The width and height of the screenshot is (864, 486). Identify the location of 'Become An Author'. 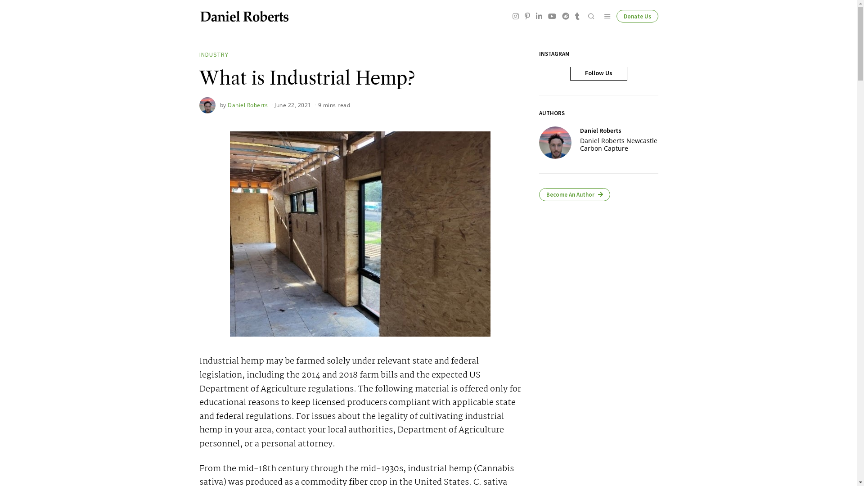
(574, 194).